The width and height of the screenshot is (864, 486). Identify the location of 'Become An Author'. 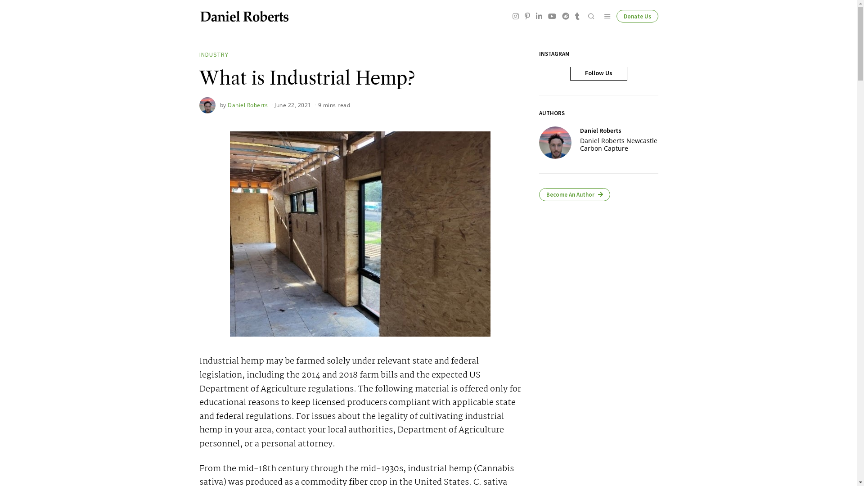
(574, 194).